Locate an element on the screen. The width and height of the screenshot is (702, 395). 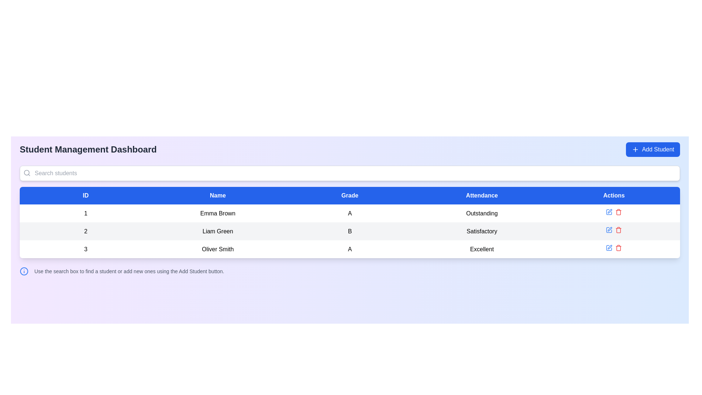
individual items within the second row of the student details table, which includes ID '2', Name 'Liam Green', Grade 'B', and Attendance 'Satisfactory' is located at coordinates (349, 231).